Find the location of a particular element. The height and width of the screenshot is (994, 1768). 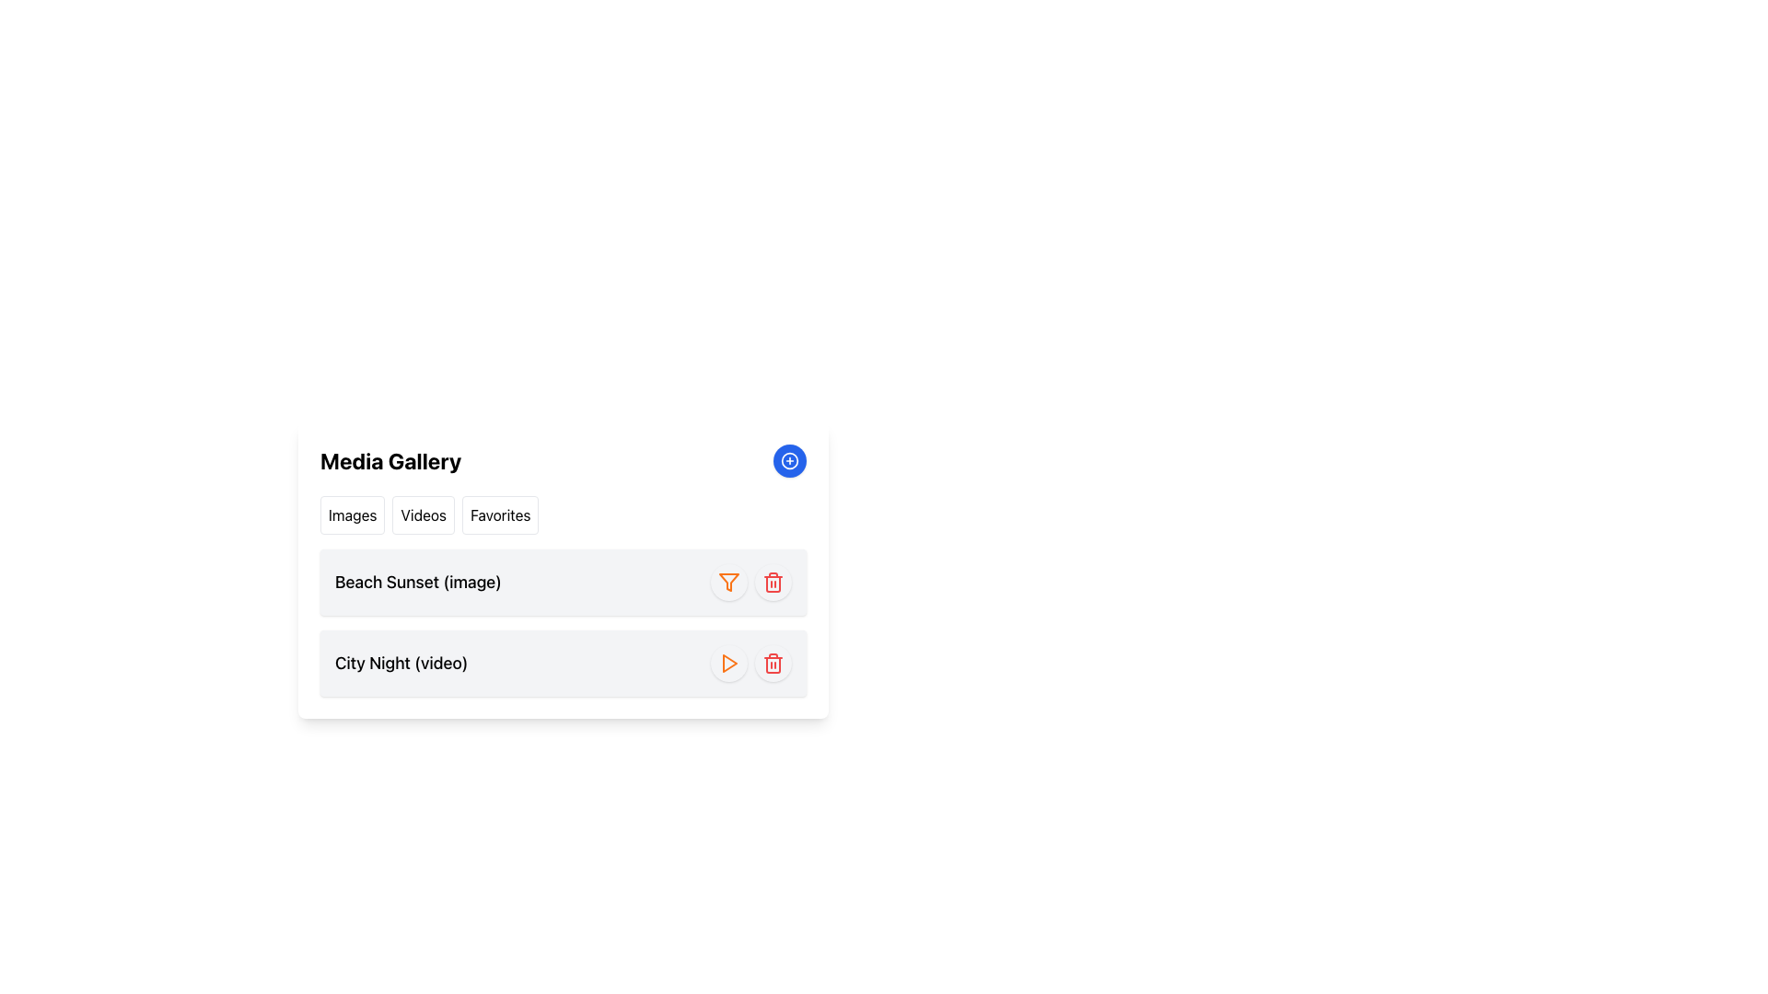

the bold text element displaying 'Media Gallery' located in the header section of the media browsing interface is located at coordinates (390, 460).